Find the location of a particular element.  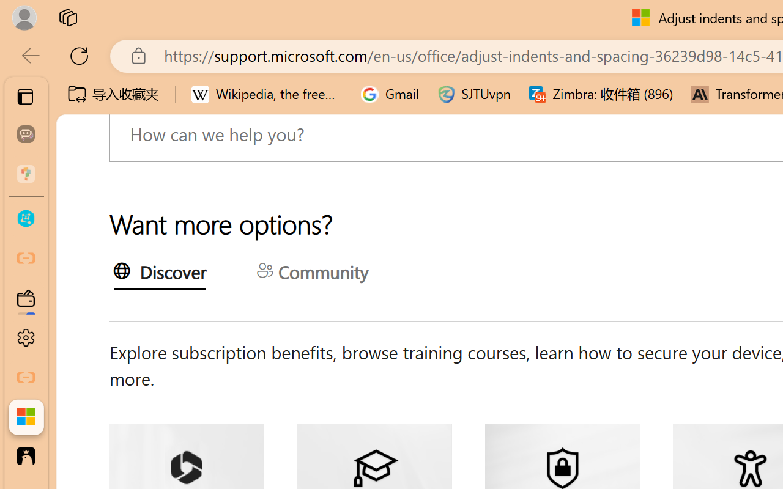

'Discover' is located at coordinates (159, 274).